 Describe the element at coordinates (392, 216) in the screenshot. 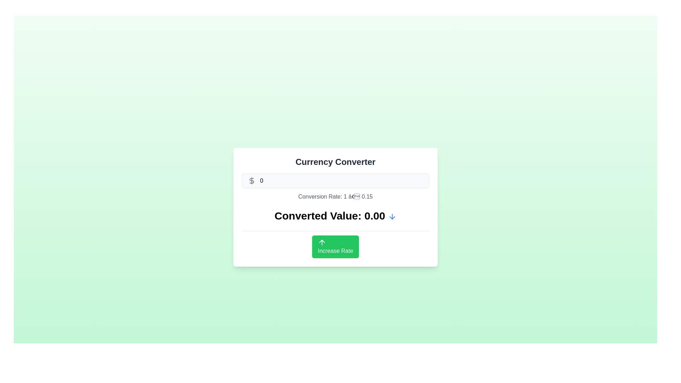

I see `the dropdown toggle button, represented by a downward-pointing arrow icon, located to the right of the text 'Converted Value: 0.00'` at that location.